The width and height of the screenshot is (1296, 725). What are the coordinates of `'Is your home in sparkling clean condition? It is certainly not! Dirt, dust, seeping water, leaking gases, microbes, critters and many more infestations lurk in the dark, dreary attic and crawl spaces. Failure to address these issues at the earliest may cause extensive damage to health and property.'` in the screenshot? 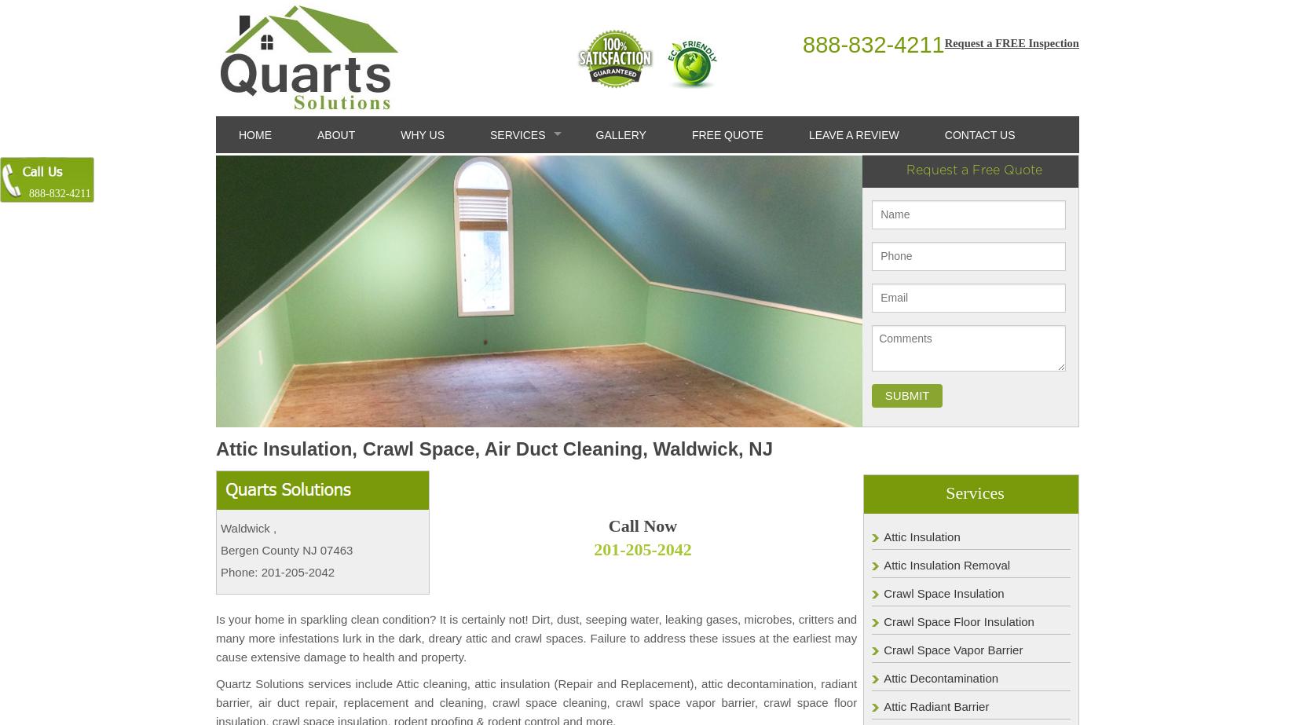 It's located at (216, 636).